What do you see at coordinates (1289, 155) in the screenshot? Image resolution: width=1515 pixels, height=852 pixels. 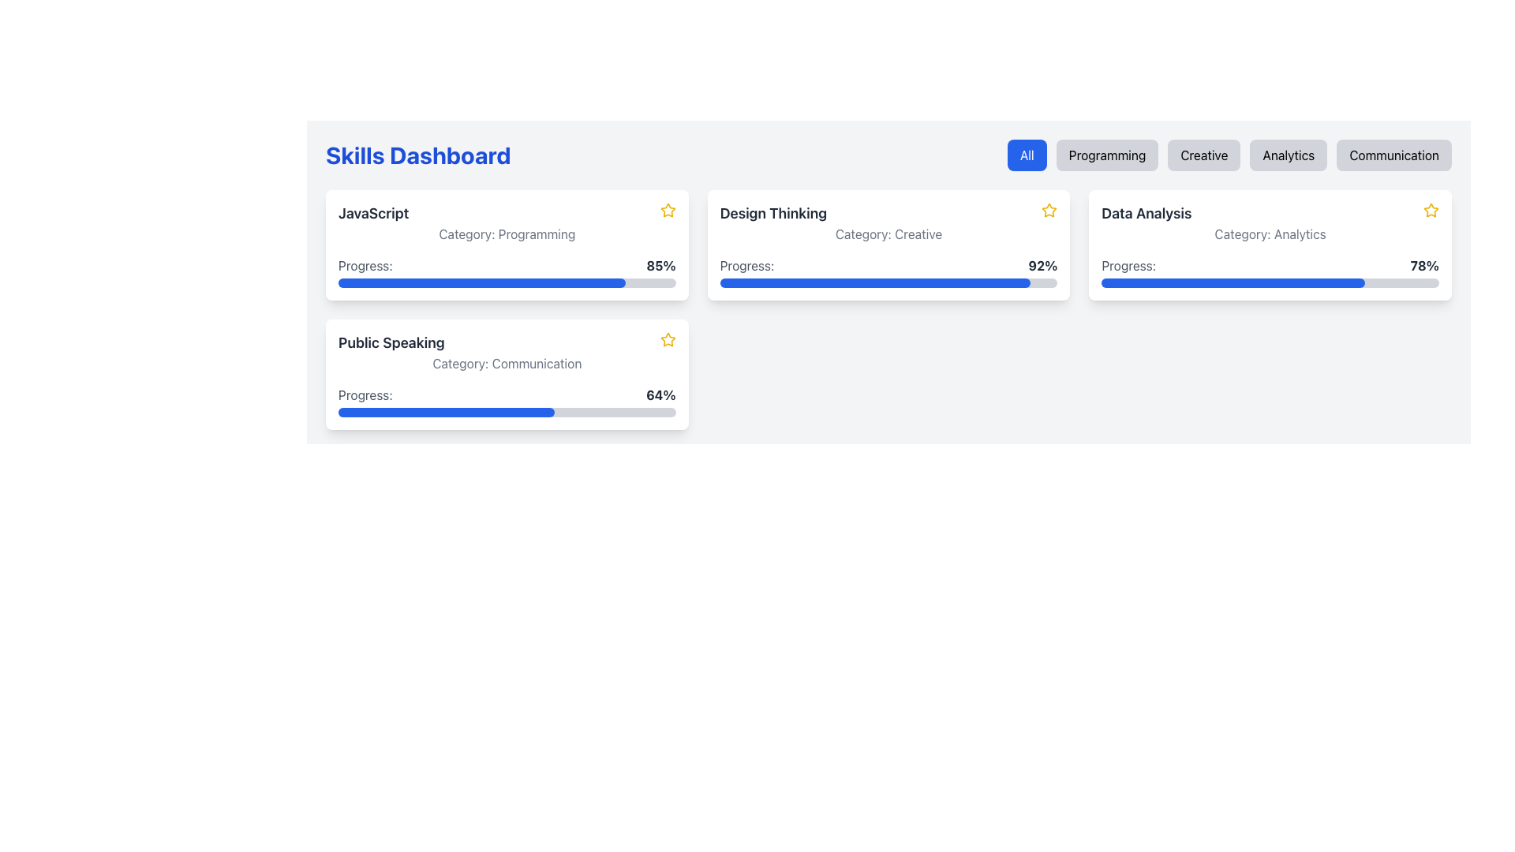 I see `the 'Analytics' button, which is the fourth button in a horizontal row of five buttons` at bounding box center [1289, 155].